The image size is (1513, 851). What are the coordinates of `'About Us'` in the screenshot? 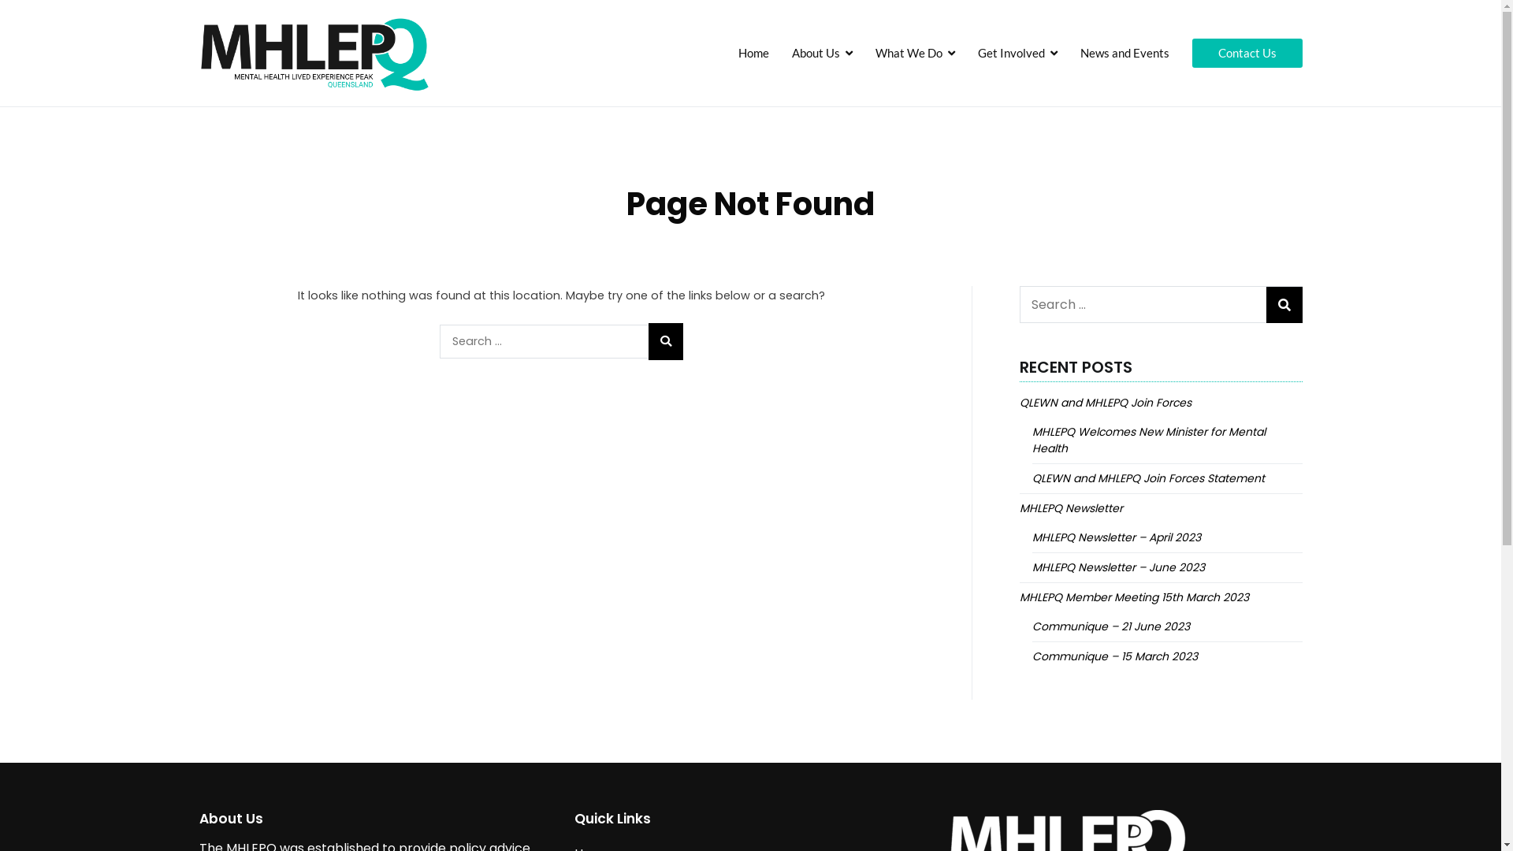 It's located at (821, 52).